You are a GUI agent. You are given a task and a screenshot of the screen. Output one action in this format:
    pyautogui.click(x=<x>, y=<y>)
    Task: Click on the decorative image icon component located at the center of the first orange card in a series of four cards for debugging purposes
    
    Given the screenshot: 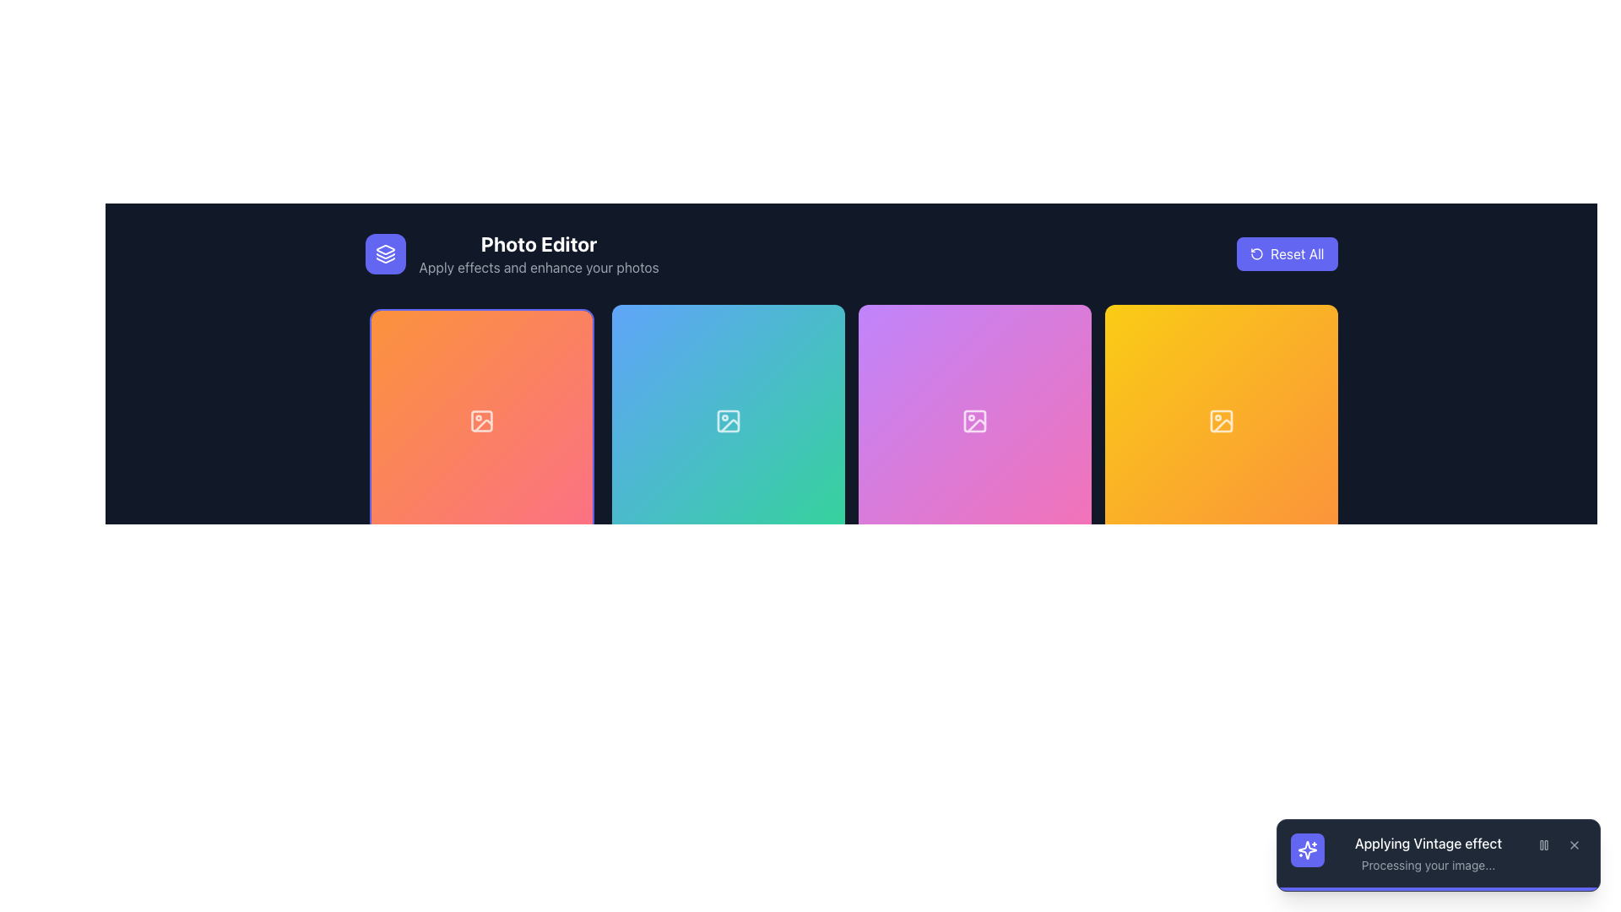 What is the action you would take?
    pyautogui.click(x=480, y=420)
    